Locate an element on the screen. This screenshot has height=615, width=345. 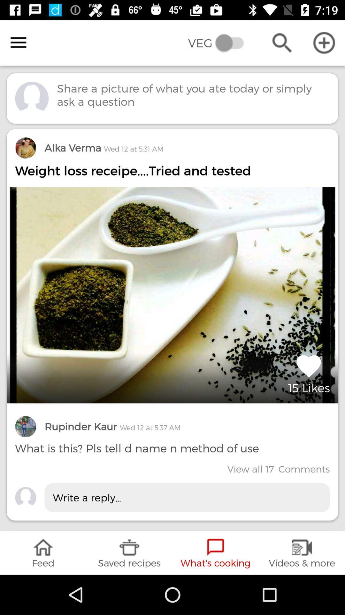
feed item is located at coordinates (43, 553).